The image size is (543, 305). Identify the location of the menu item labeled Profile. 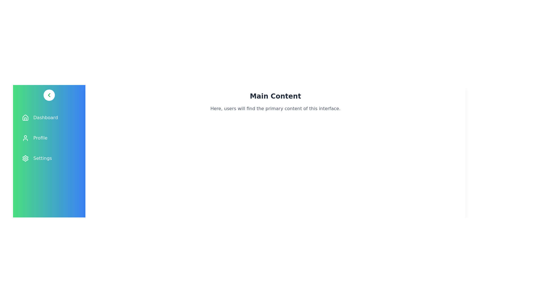
(49, 138).